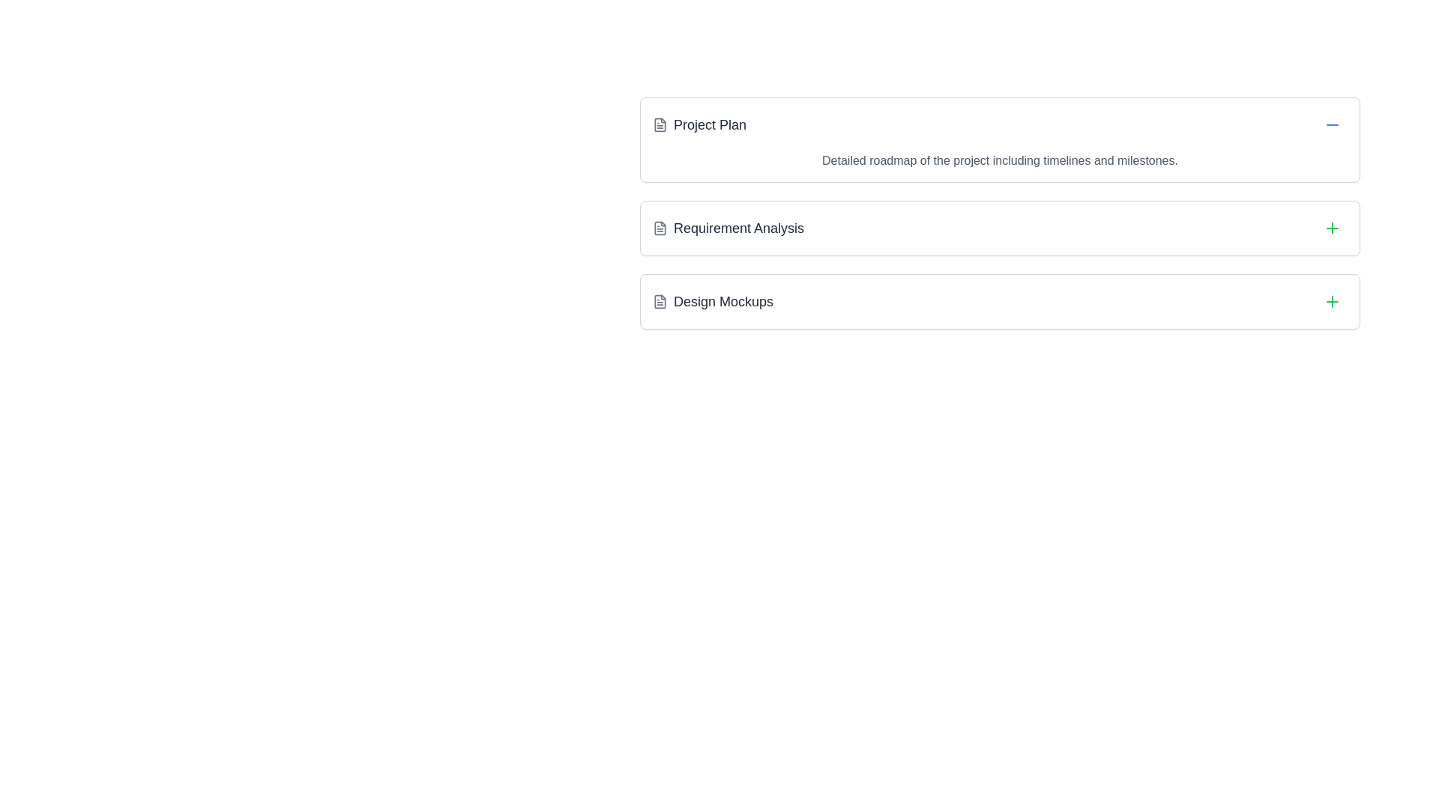  I want to click on the minus icon located in the top-right corner of the 'Project Plan' section, so click(1332, 124).